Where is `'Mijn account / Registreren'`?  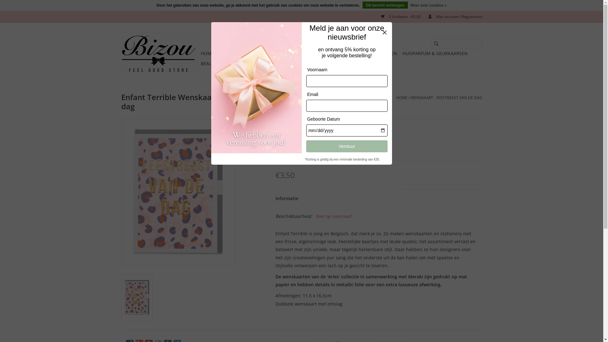 'Mijn account / Registreren' is located at coordinates (452, 16).